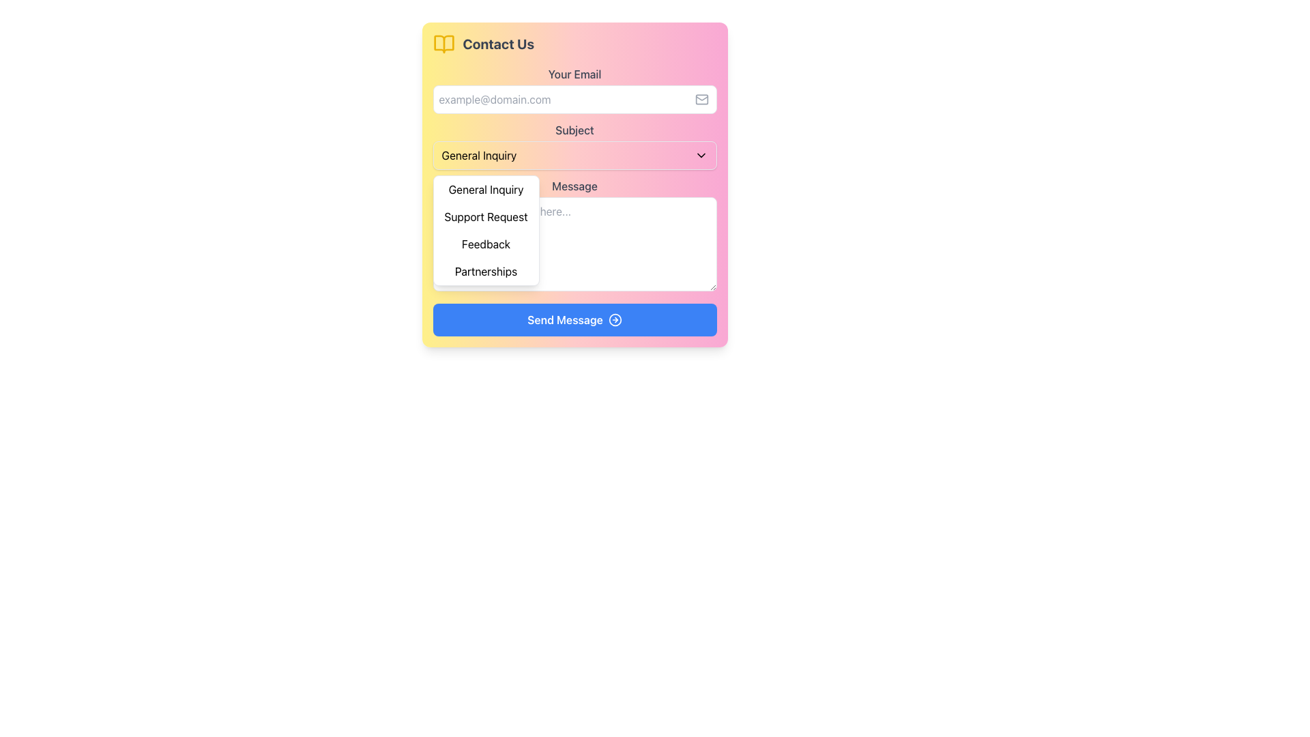 The width and height of the screenshot is (1310, 737). Describe the element at coordinates (574, 320) in the screenshot. I see `the blue 'Send Message' button with rounded corners to change its color, which includes an icon of a rightward arrow` at that location.